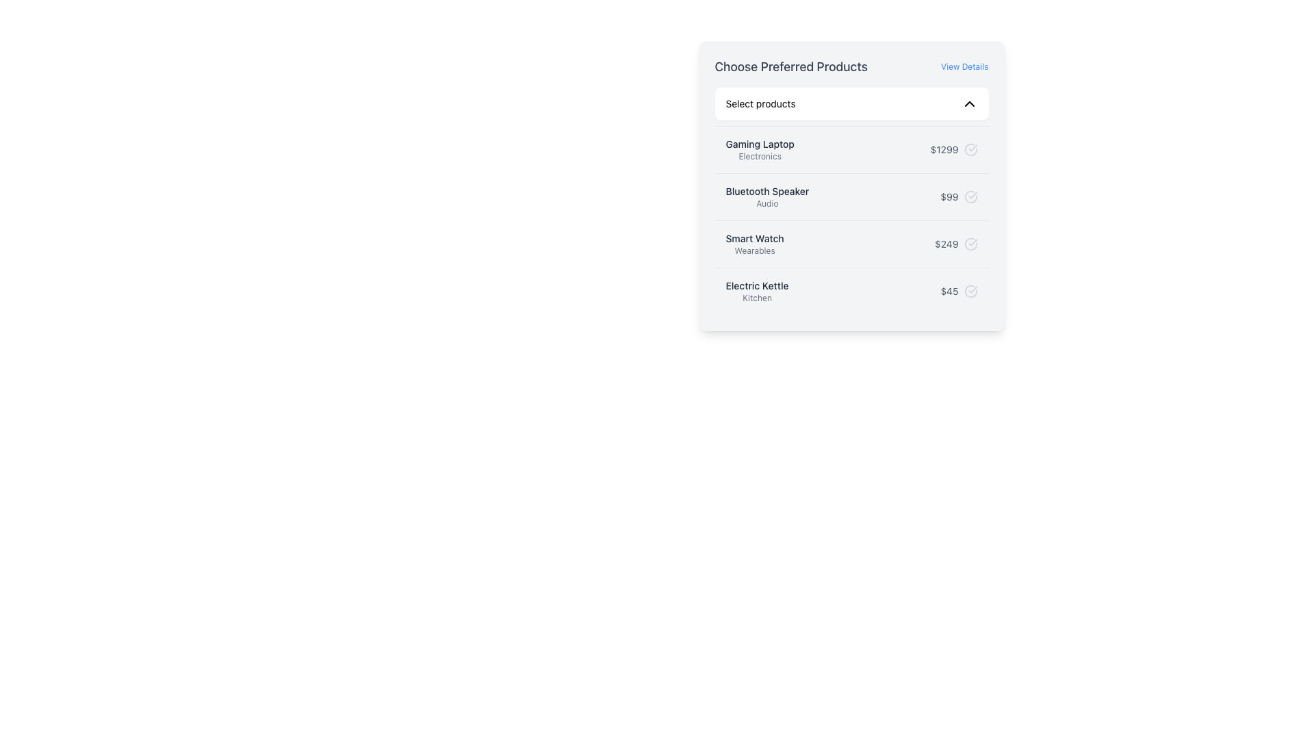 The width and height of the screenshot is (1314, 739). I want to click on the gray circle icon with a checkmark located to the right of the price '$45' in the last product listing row, so click(970, 290).